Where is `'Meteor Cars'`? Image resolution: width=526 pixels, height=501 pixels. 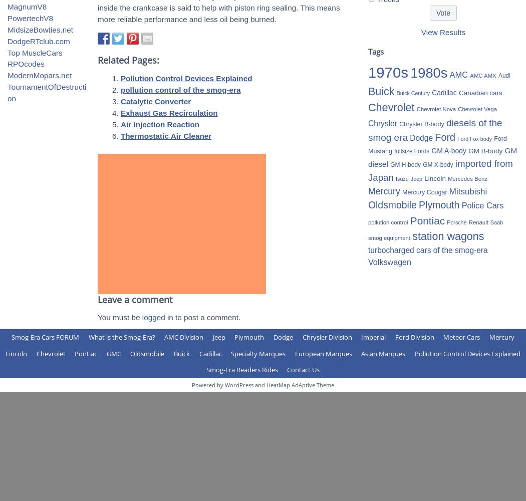 'Meteor Cars' is located at coordinates (461, 337).